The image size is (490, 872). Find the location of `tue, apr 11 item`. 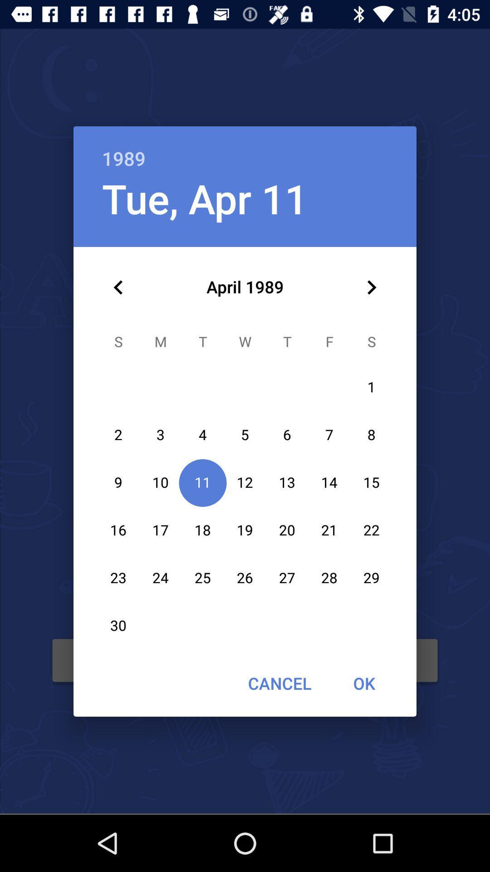

tue, apr 11 item is located at coordinates (205, 198).